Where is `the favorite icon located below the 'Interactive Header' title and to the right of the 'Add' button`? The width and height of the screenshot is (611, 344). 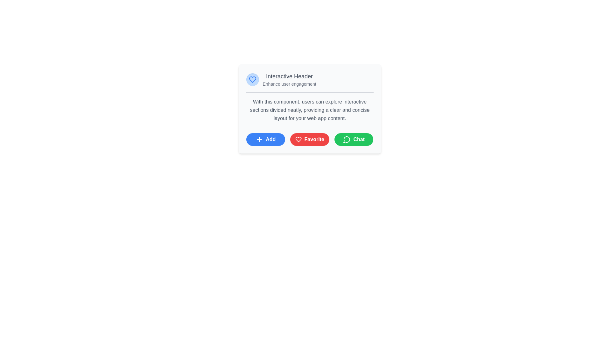 the favorite icon located below the 'Interactive Header' title and to the right of the 'Add' button is located at coordinates (298, 139).